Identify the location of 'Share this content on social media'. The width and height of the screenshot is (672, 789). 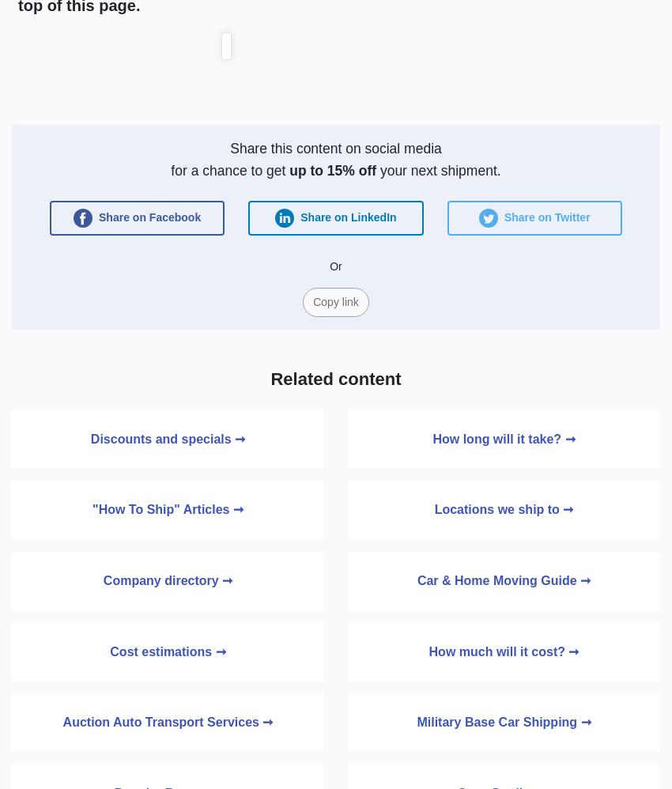
(335, 147).